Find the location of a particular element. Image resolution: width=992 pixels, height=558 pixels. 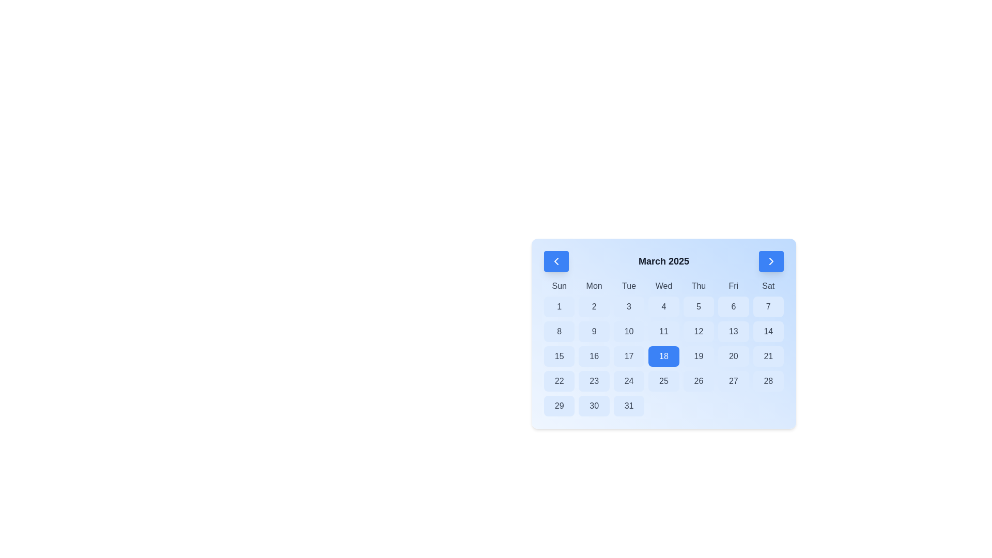

the text label displaying 'Sat', which is the last item in a row of day abbreviations is located at coordinates (768, 286).